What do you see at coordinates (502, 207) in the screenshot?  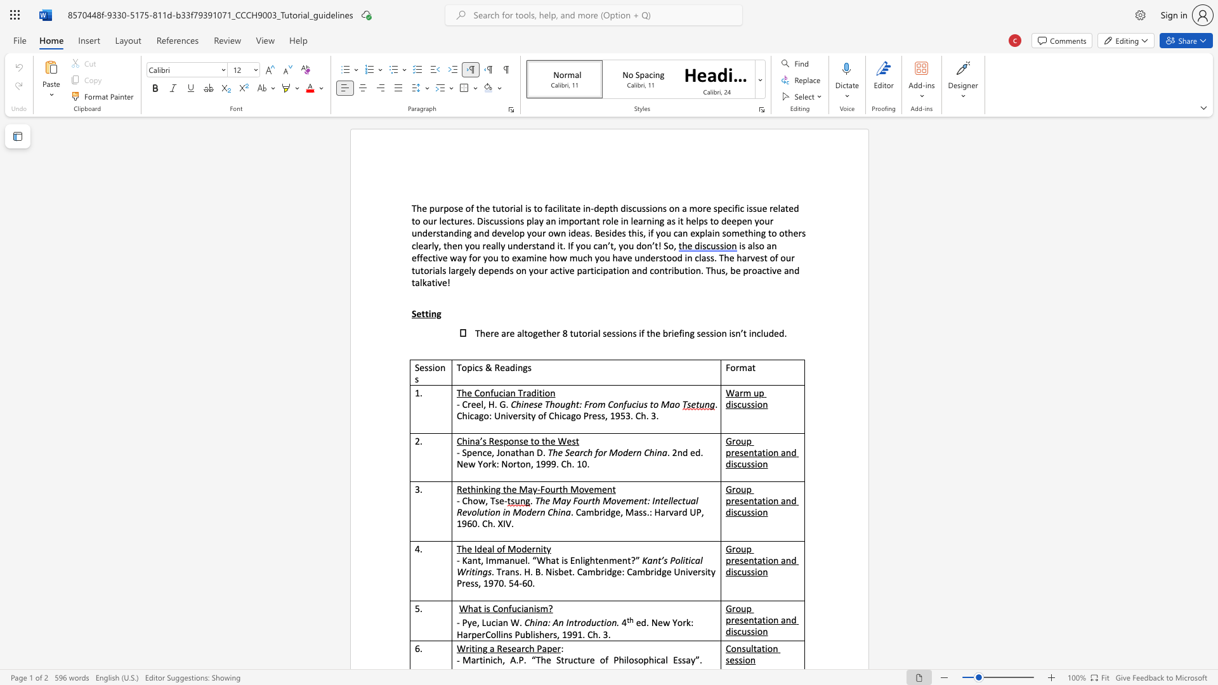 I see `the 3th character "t" in the text` at bounding box center [502, 207].